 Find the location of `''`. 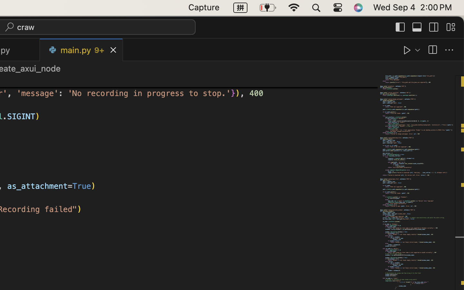

'' is located at coordinates (432, 50).